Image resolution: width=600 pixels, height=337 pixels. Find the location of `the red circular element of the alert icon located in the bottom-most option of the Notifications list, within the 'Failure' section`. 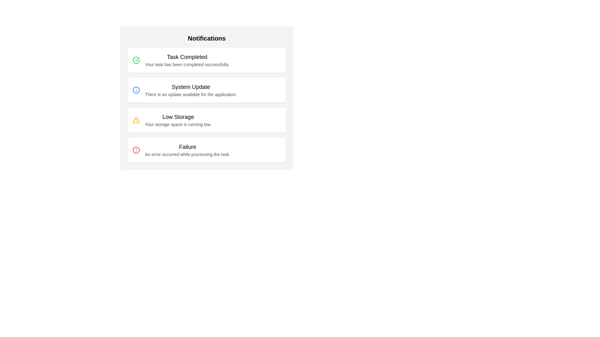

the red circular element of the alert icon located in the bottom-most option of the Notifications list, within the 'Failure' section is located at coordinates (136, 150).